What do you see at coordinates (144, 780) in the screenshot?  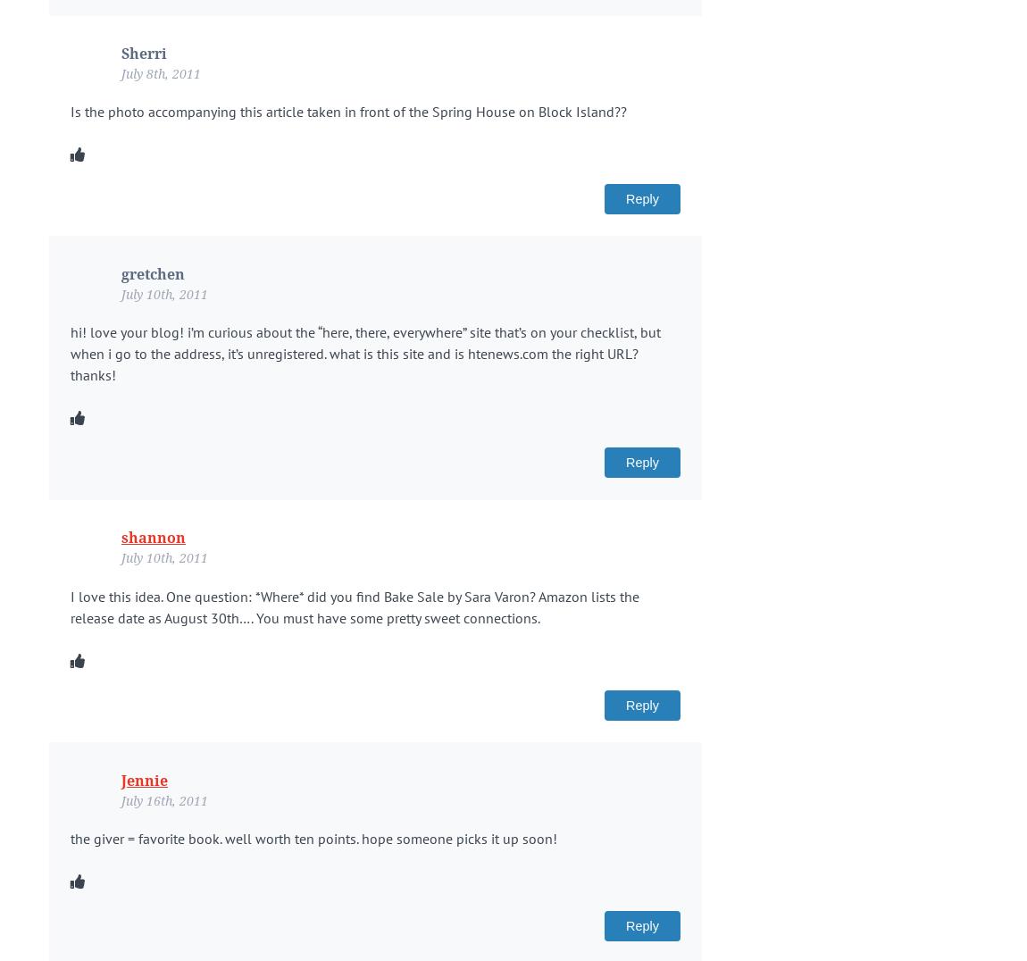 I see `'Jennie'` at bounding box center [144, 780].